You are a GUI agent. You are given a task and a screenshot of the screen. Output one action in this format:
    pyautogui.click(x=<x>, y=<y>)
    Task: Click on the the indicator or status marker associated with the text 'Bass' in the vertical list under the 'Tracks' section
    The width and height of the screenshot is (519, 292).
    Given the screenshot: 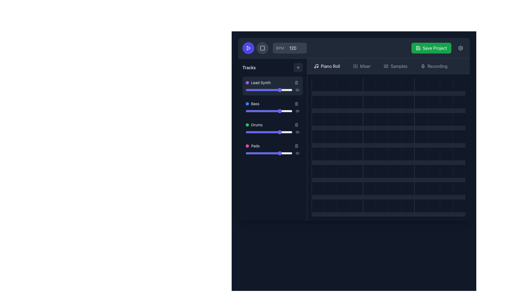 What is the action you would take?
    pyautogui.click(x=247, y=104)
    